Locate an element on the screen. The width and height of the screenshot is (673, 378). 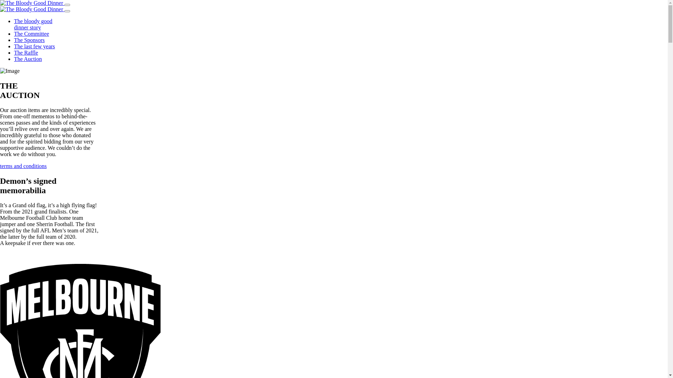
'The bloody good is located at coordinates (33, 24).